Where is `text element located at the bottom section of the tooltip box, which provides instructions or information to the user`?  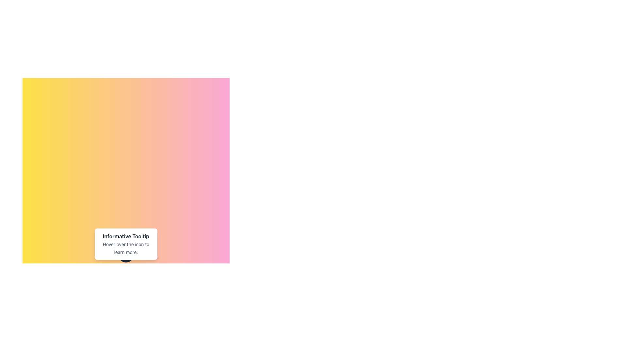 text element located at the bottom section of the tooltip box, which provides instructions or information to the user is located at coordinates (126, 248).